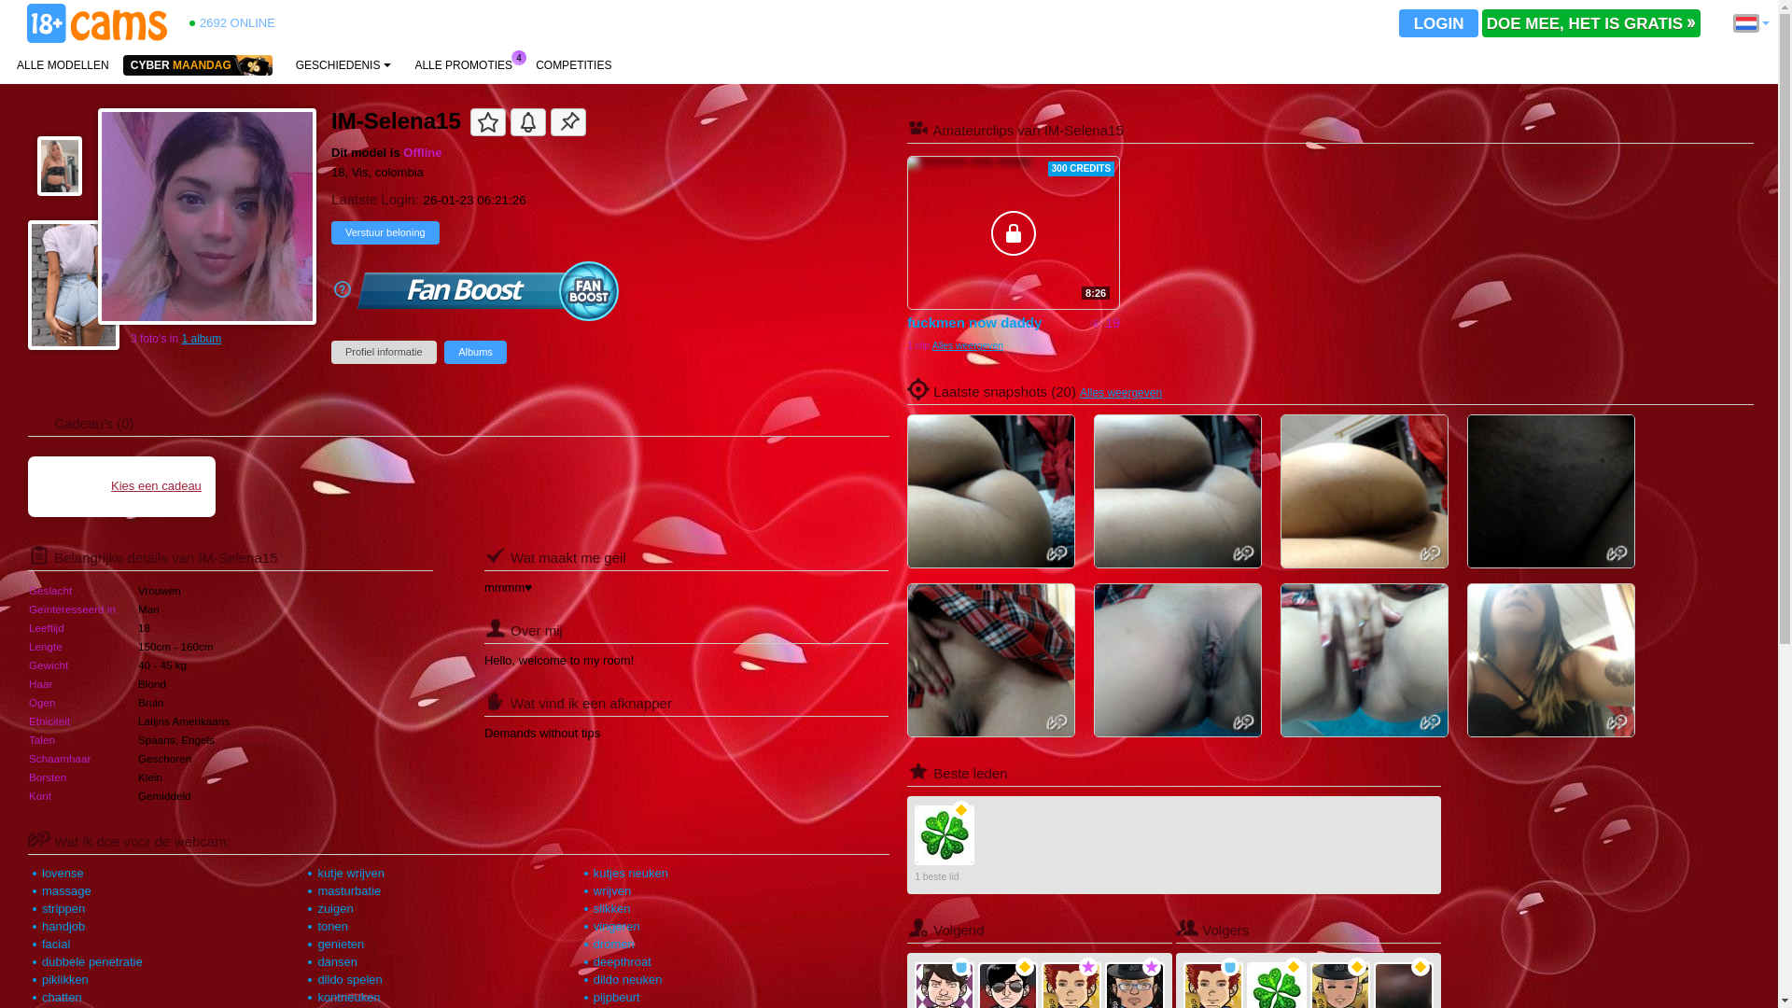  What do you see at coordinates (91, 961) in the screenshot?
I see `'dubbele penetratie'` at bounding box center [91, 961].